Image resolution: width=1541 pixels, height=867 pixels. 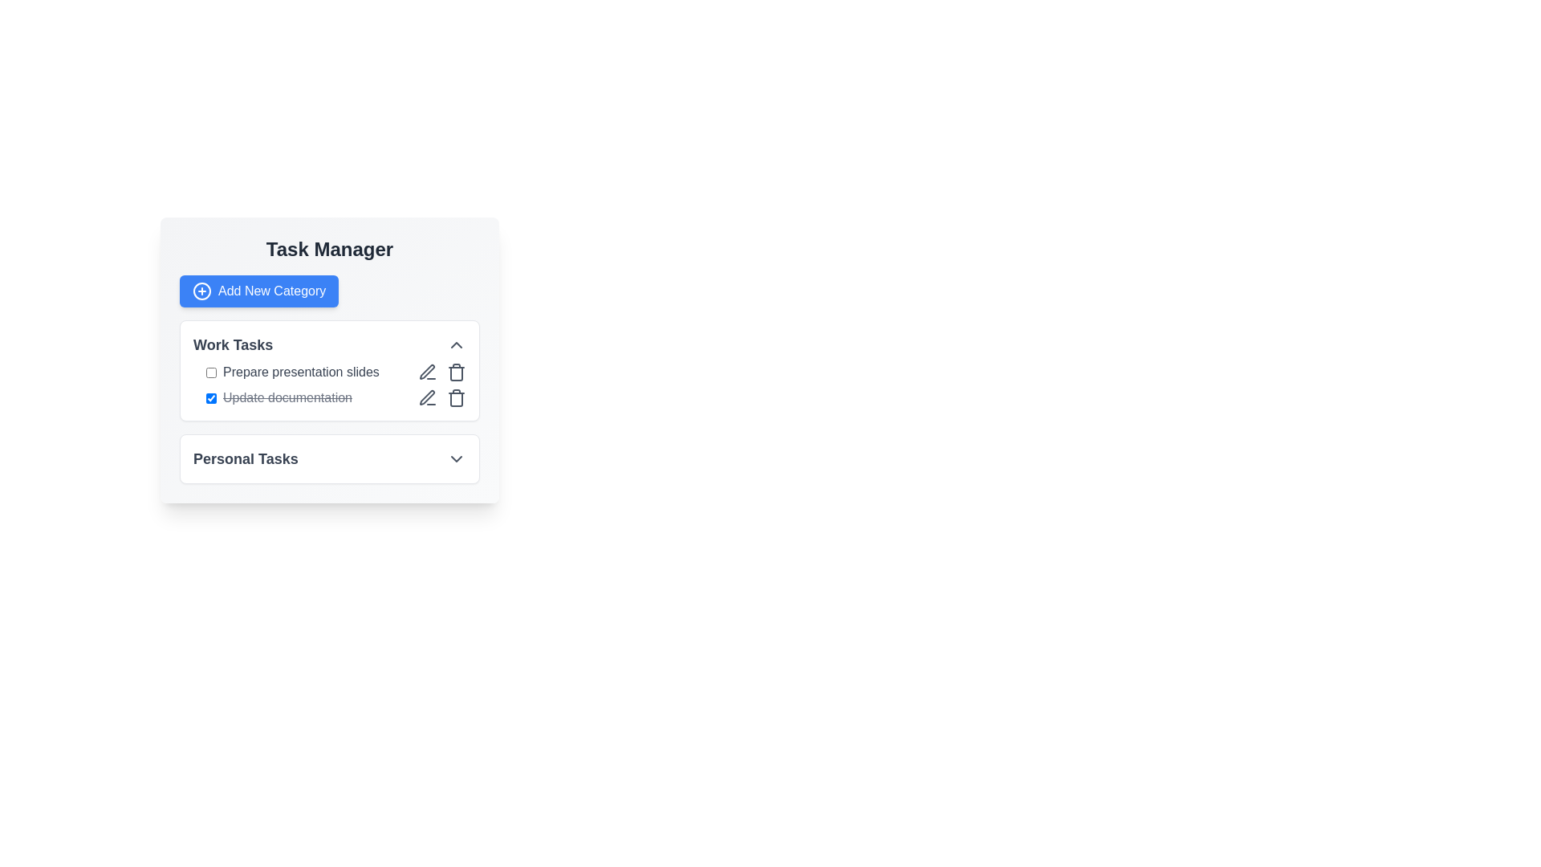 What do you see at coordinates (442, 397) in the screenshot?
I see `the trash icon in the Interactive control group located in the 'Work Tasks' section of the Task Manager interface` at bounding box center [442, 397].